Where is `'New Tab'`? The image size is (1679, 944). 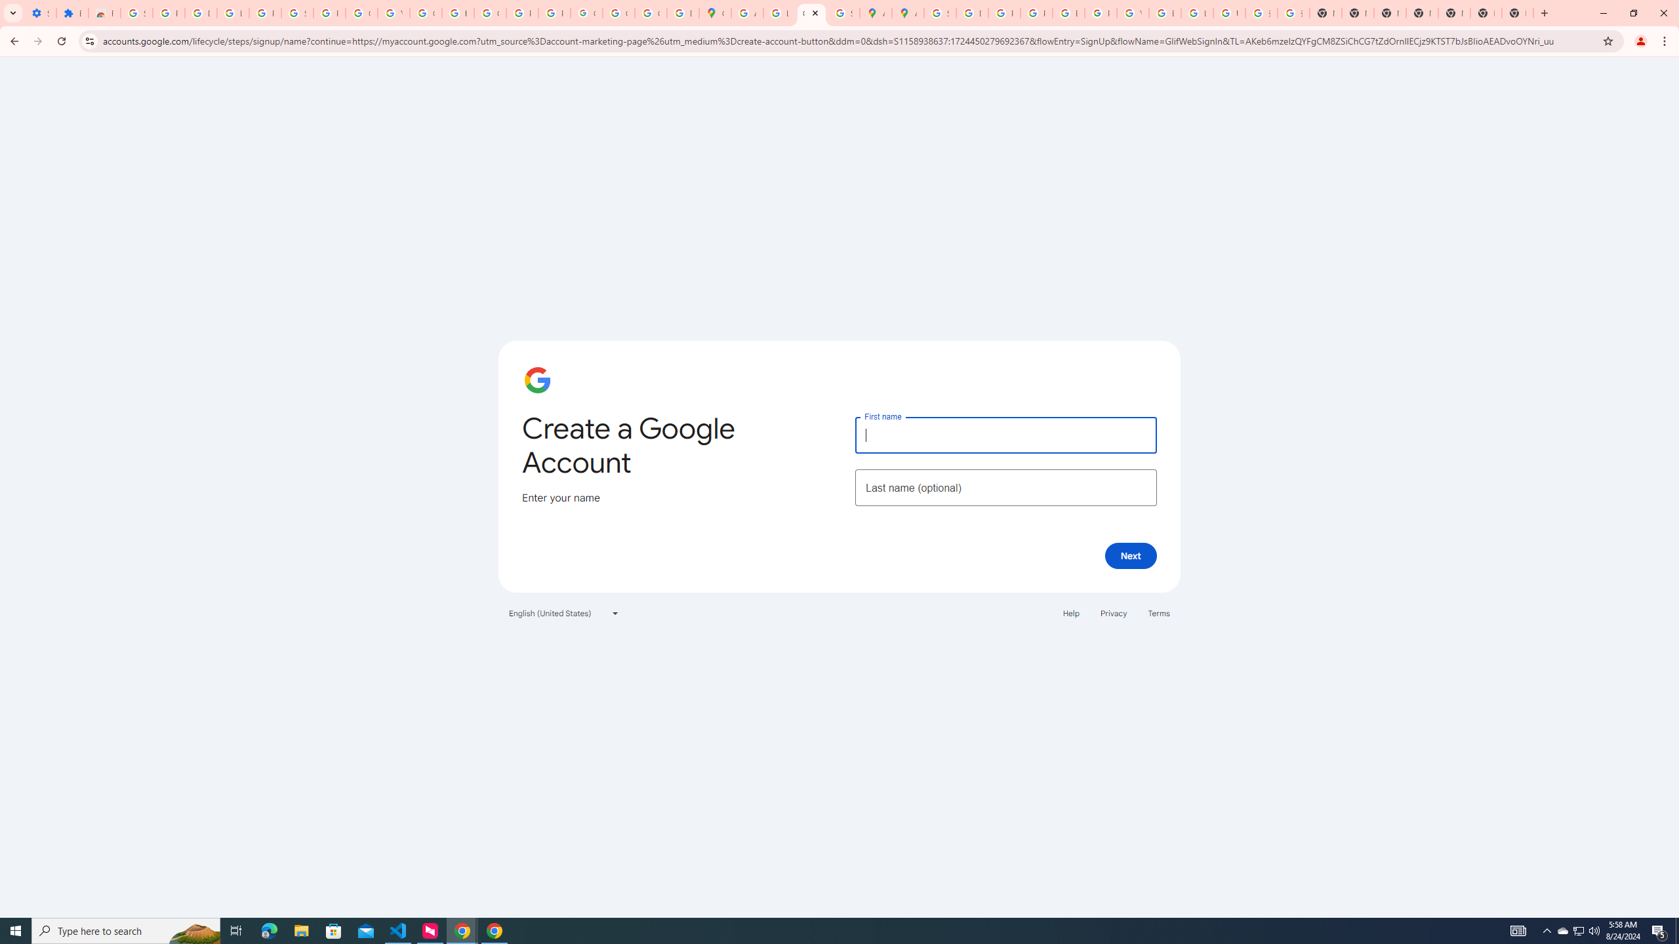 'New Tab' is located at coordinates (1518, 12).